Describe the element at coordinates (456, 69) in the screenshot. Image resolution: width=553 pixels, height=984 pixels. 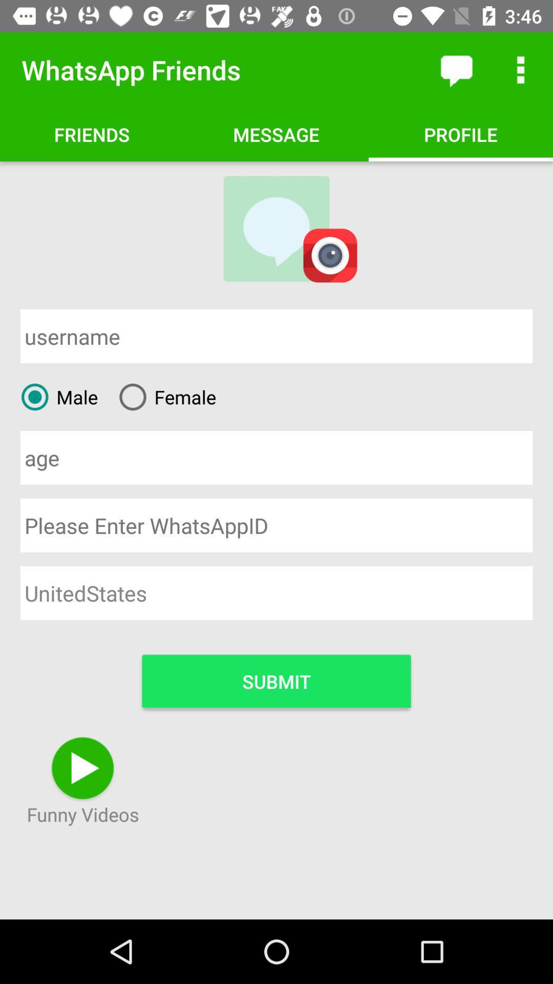
I see `send message friend` at that location.